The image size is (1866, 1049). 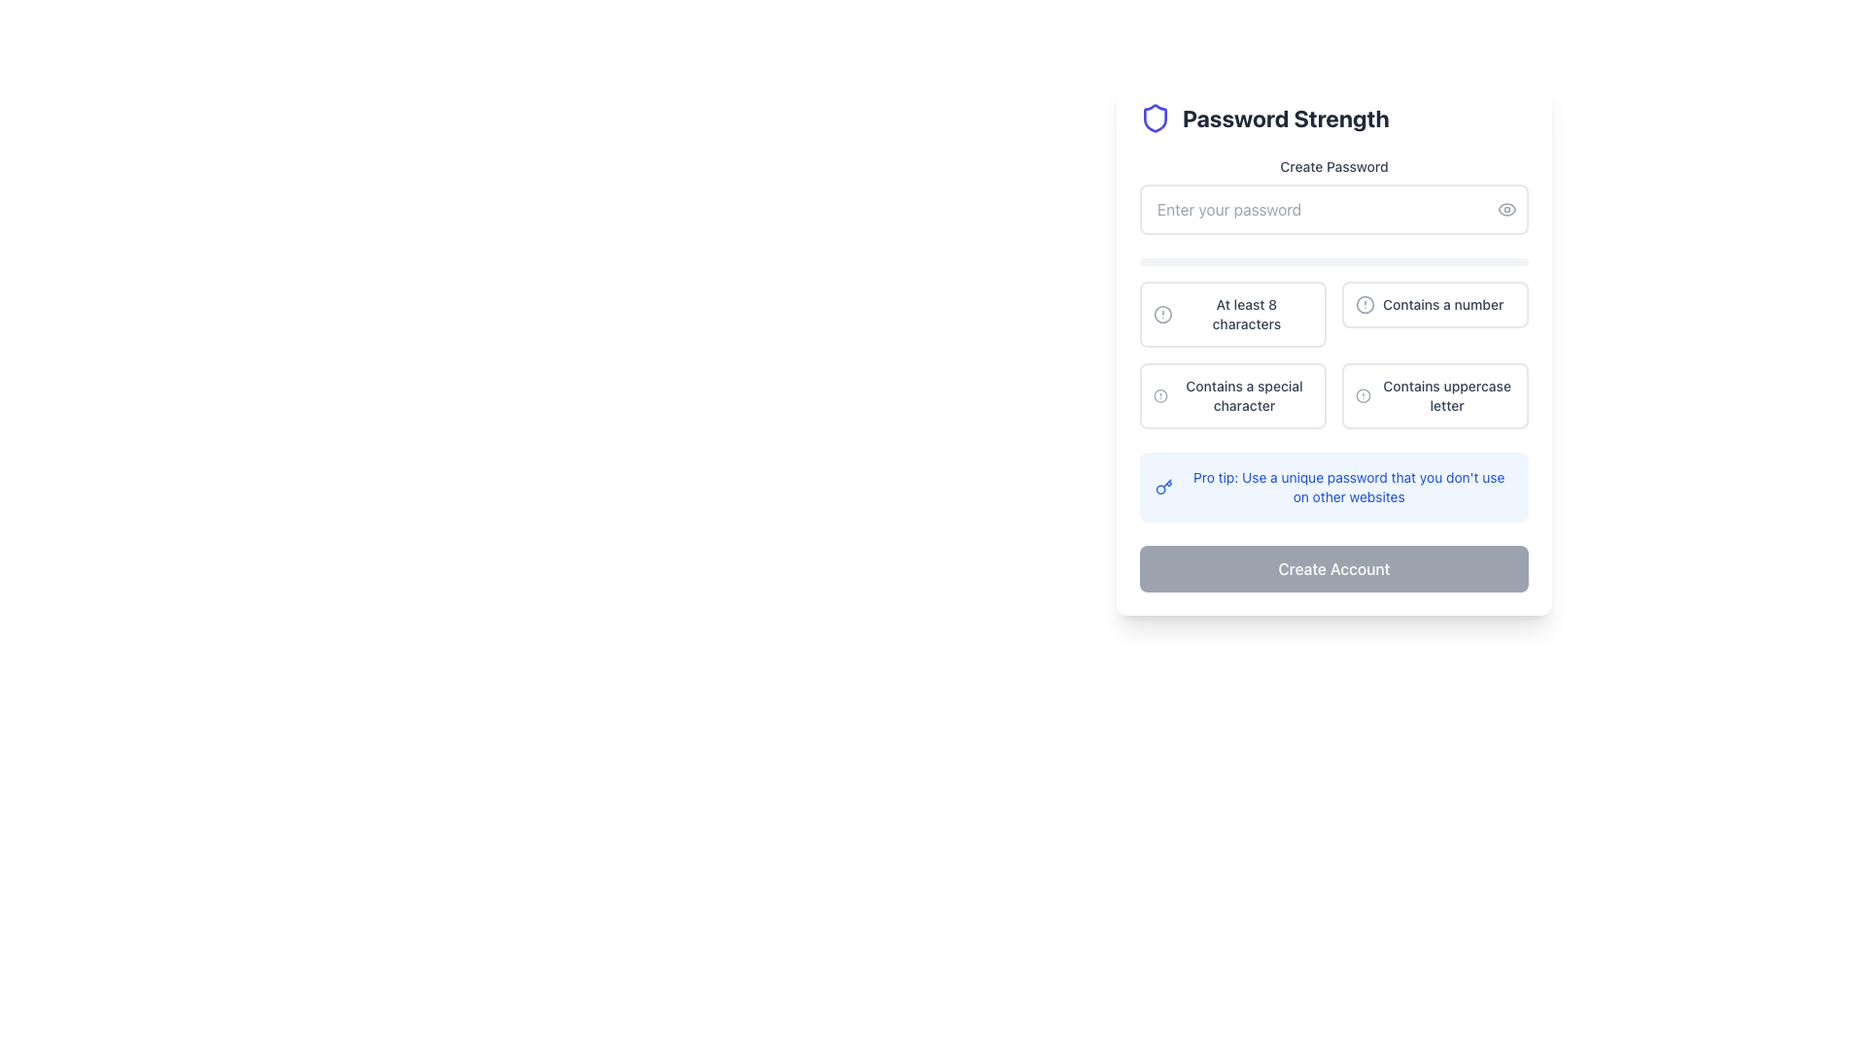 What do you see at coordinates (1365, 304) in the screenshot?
I see `the password validation icon that indicates the 'Contains a number' requirement, located in the middle section of the password strength checking interface` at bounding box center [1365, 304].